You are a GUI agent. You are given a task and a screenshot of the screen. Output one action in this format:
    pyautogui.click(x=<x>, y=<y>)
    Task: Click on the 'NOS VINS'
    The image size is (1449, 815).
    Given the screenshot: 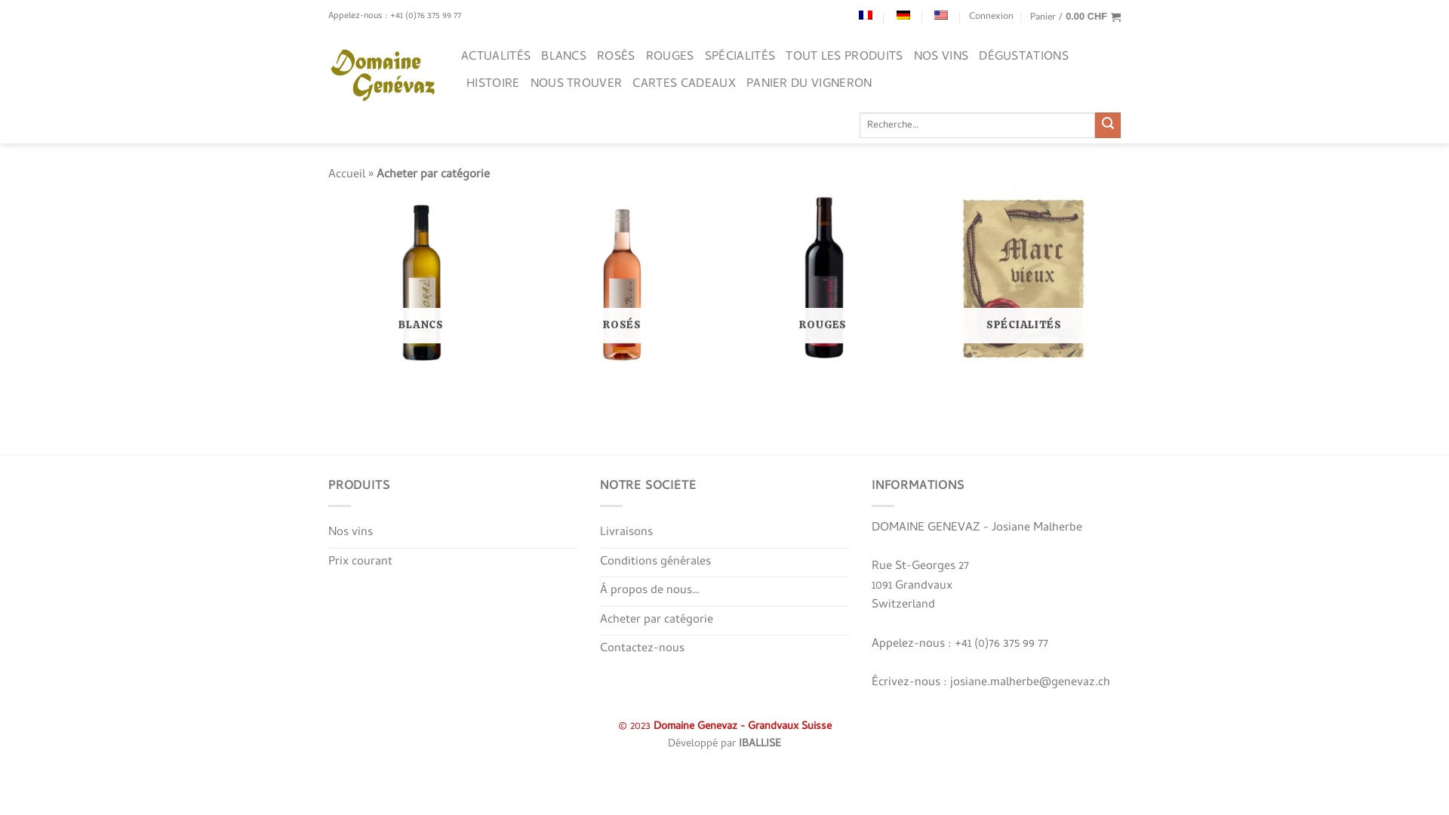 What is the action you would take?
    pyautogui.click(x=940, y=57)
    